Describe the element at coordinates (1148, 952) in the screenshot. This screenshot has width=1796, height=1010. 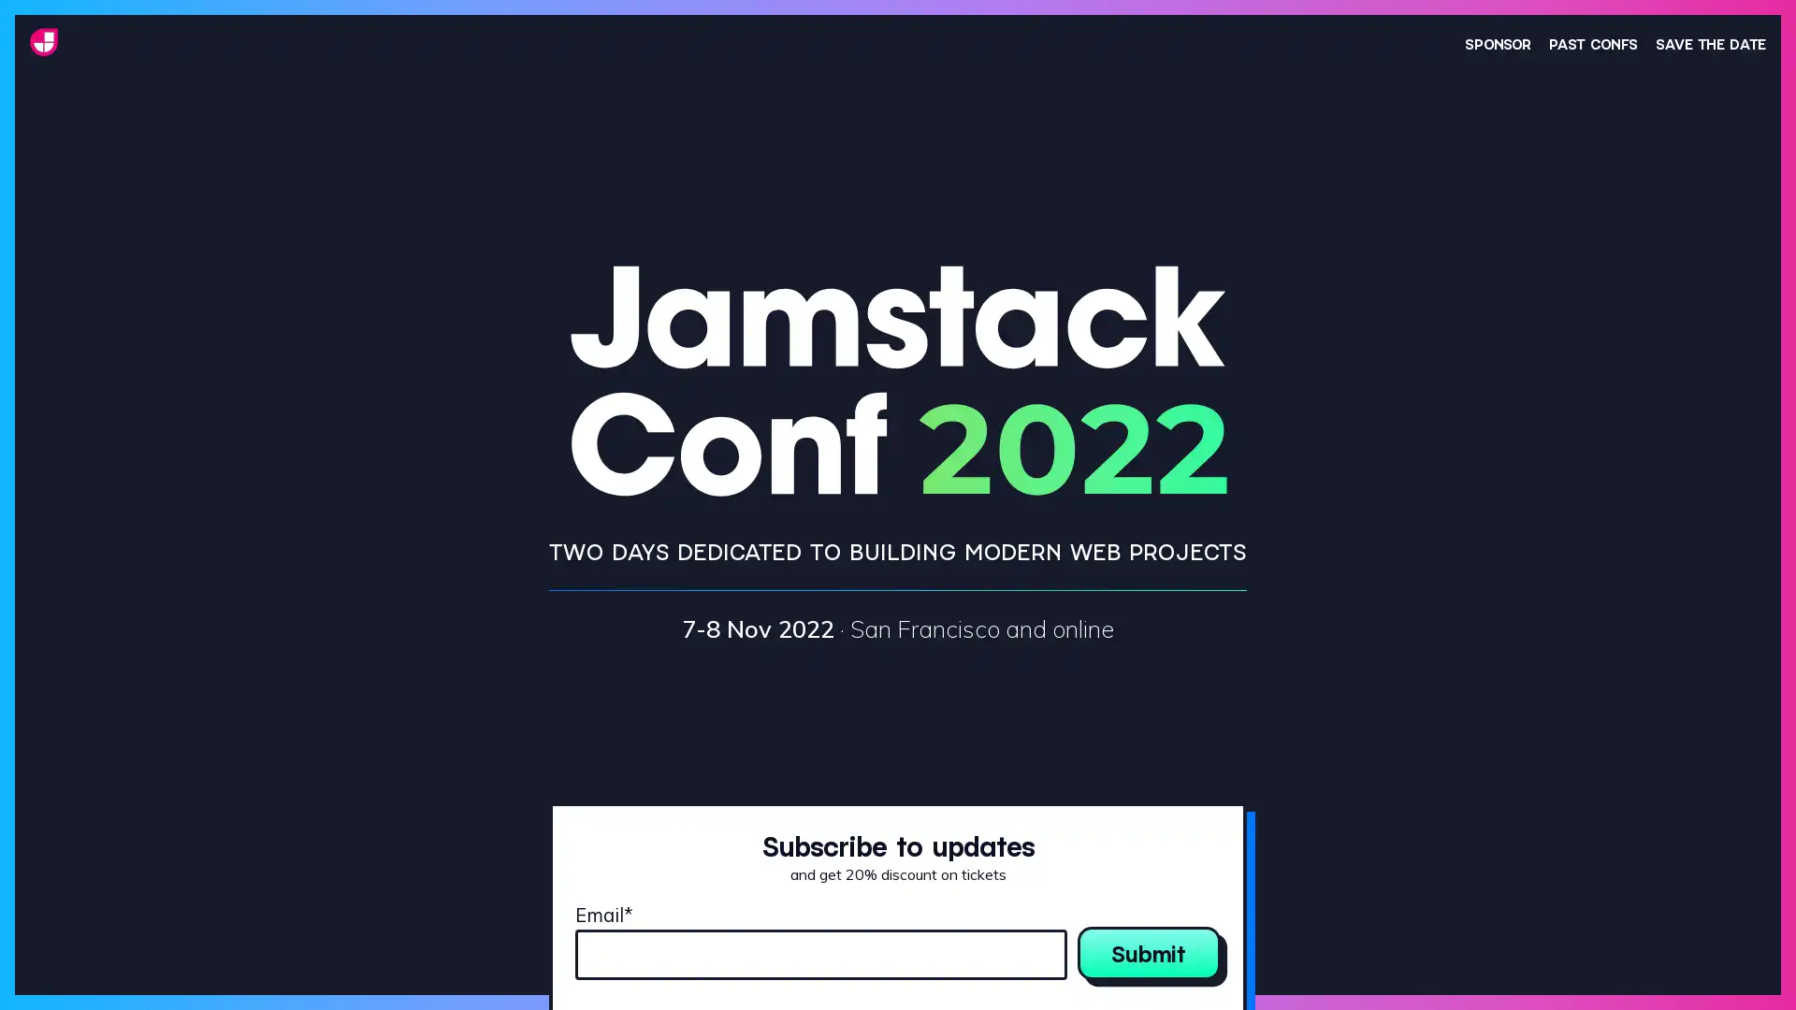
I see `Submit` at that location.